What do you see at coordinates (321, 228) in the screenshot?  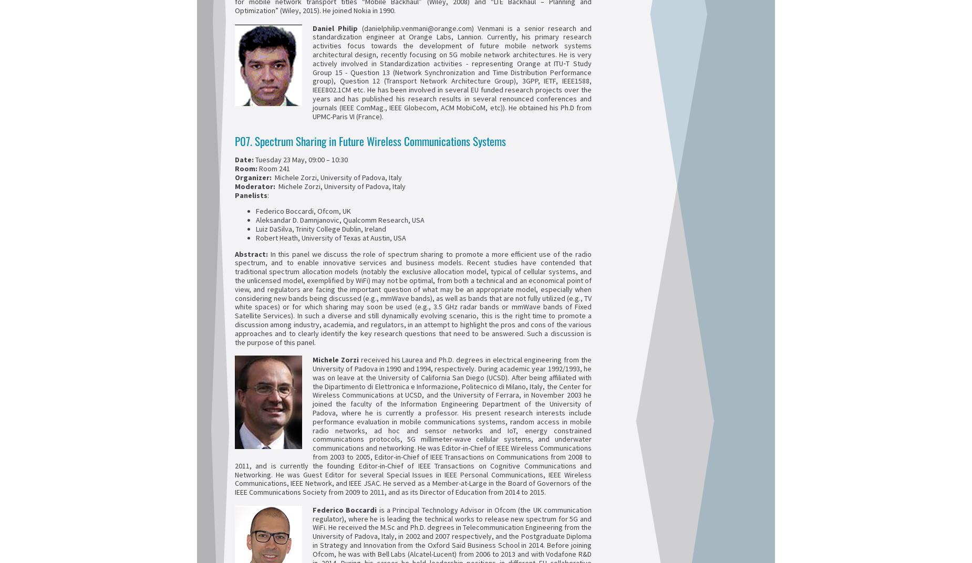 I see `'Luiz DaSilva, Trinity College Dublin, Ireland'` at bounding box center [321, 228].